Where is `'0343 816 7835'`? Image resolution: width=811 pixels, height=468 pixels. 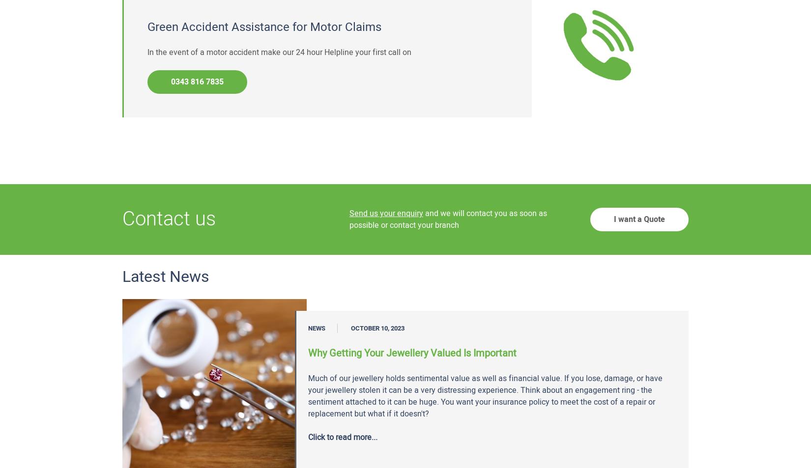
'0343 816 7835' is located at coordinates (197, 81).